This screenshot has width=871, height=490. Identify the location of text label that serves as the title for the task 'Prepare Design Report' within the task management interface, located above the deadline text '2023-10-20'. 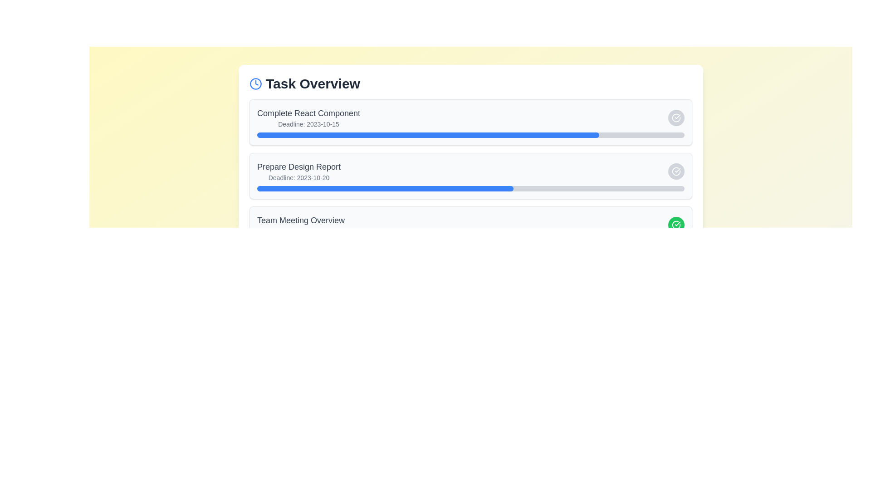
(299, 167).